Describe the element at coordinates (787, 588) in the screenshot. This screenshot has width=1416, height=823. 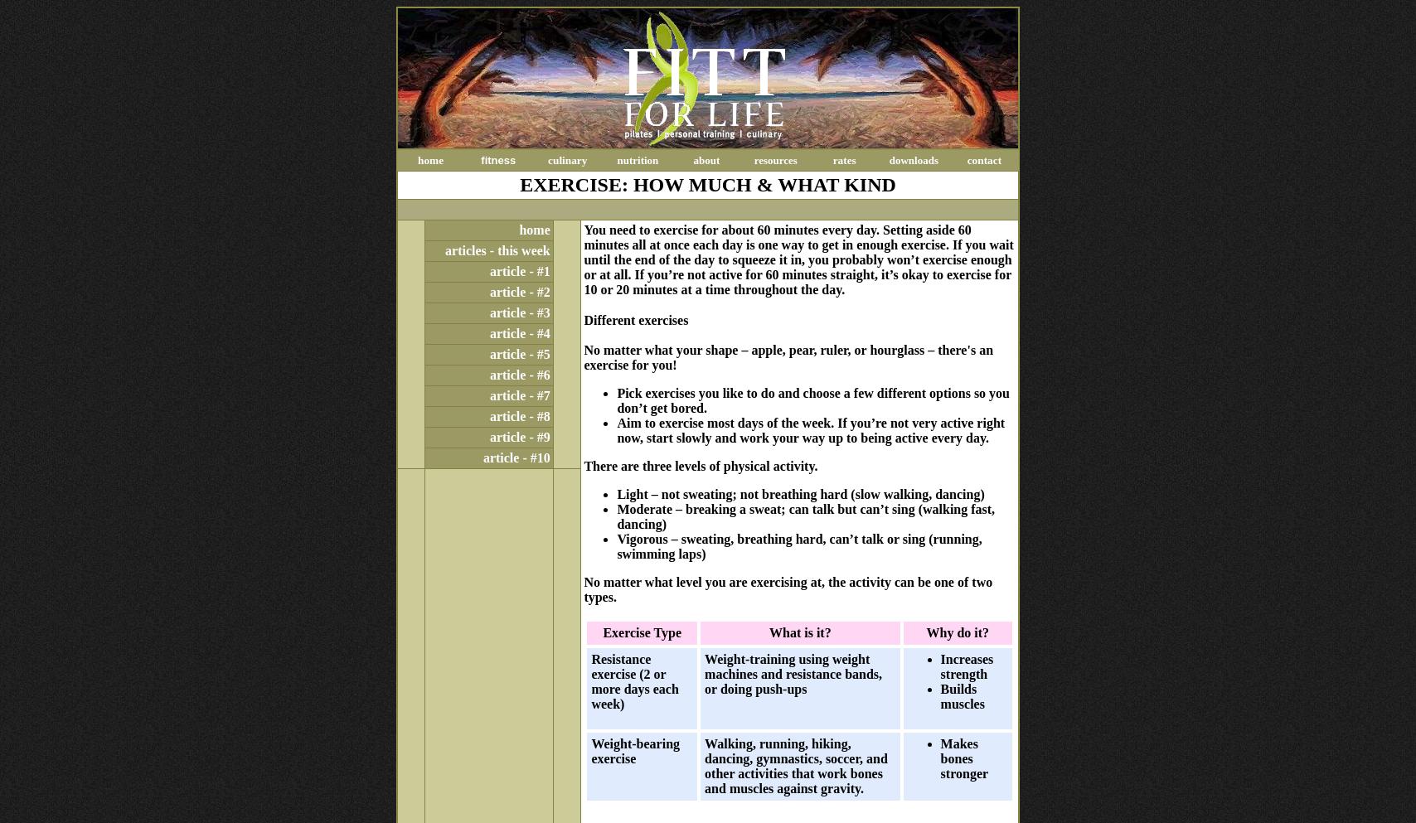
I see `'No matter what level you are exercising at, the 
activity can be one of two types.'` at that location.